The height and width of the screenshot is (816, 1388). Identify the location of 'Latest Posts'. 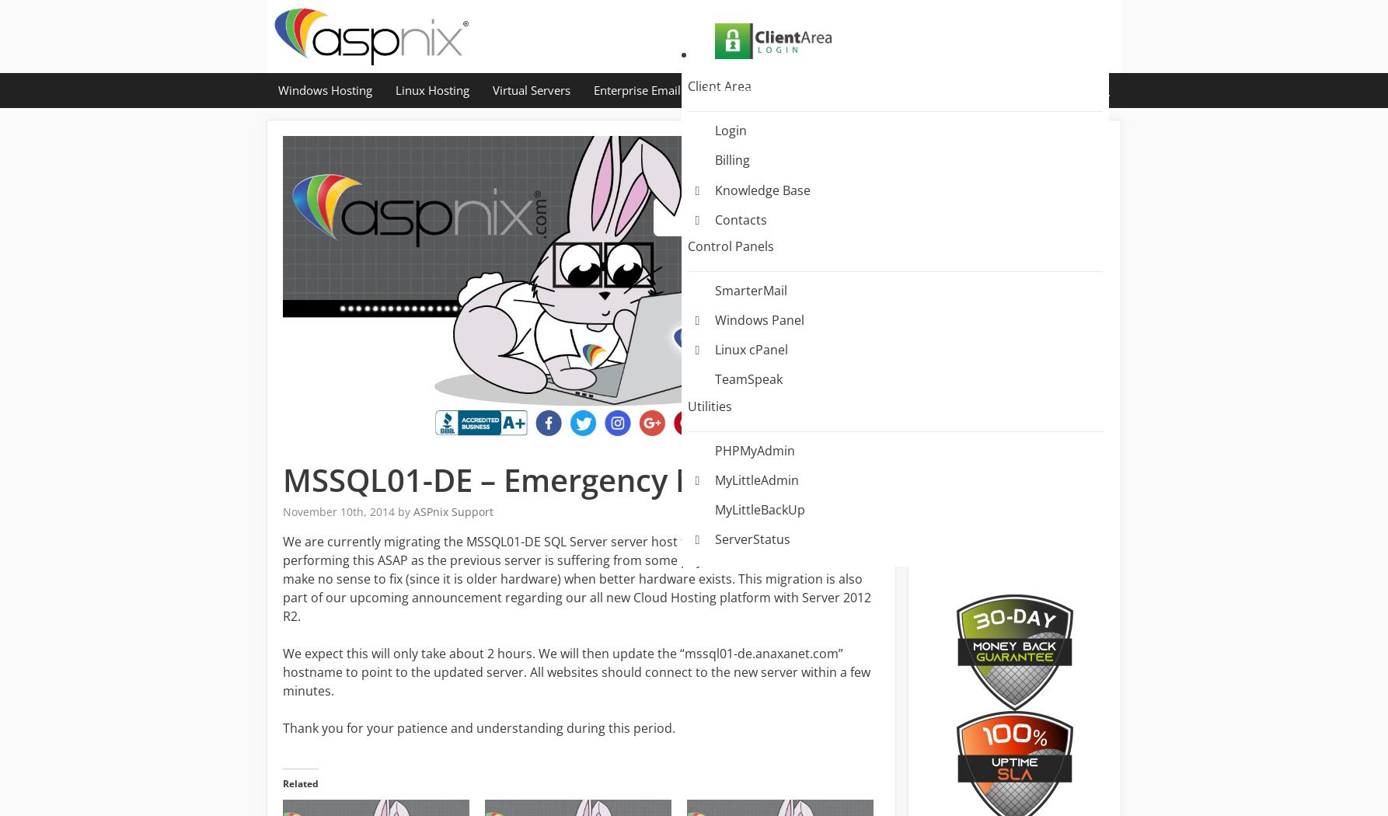
(992, 256).